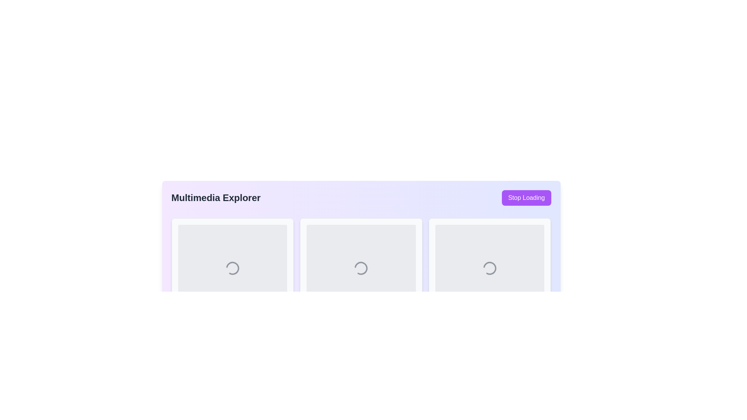 Image resolution: width=747 pixels, height=420 pixels. Describe the element at coordinates (361, 268) in the screenshot. I see `the spinning animation of the circular loader located in the center of the middle card of three horizontally arranged cards` at that location.